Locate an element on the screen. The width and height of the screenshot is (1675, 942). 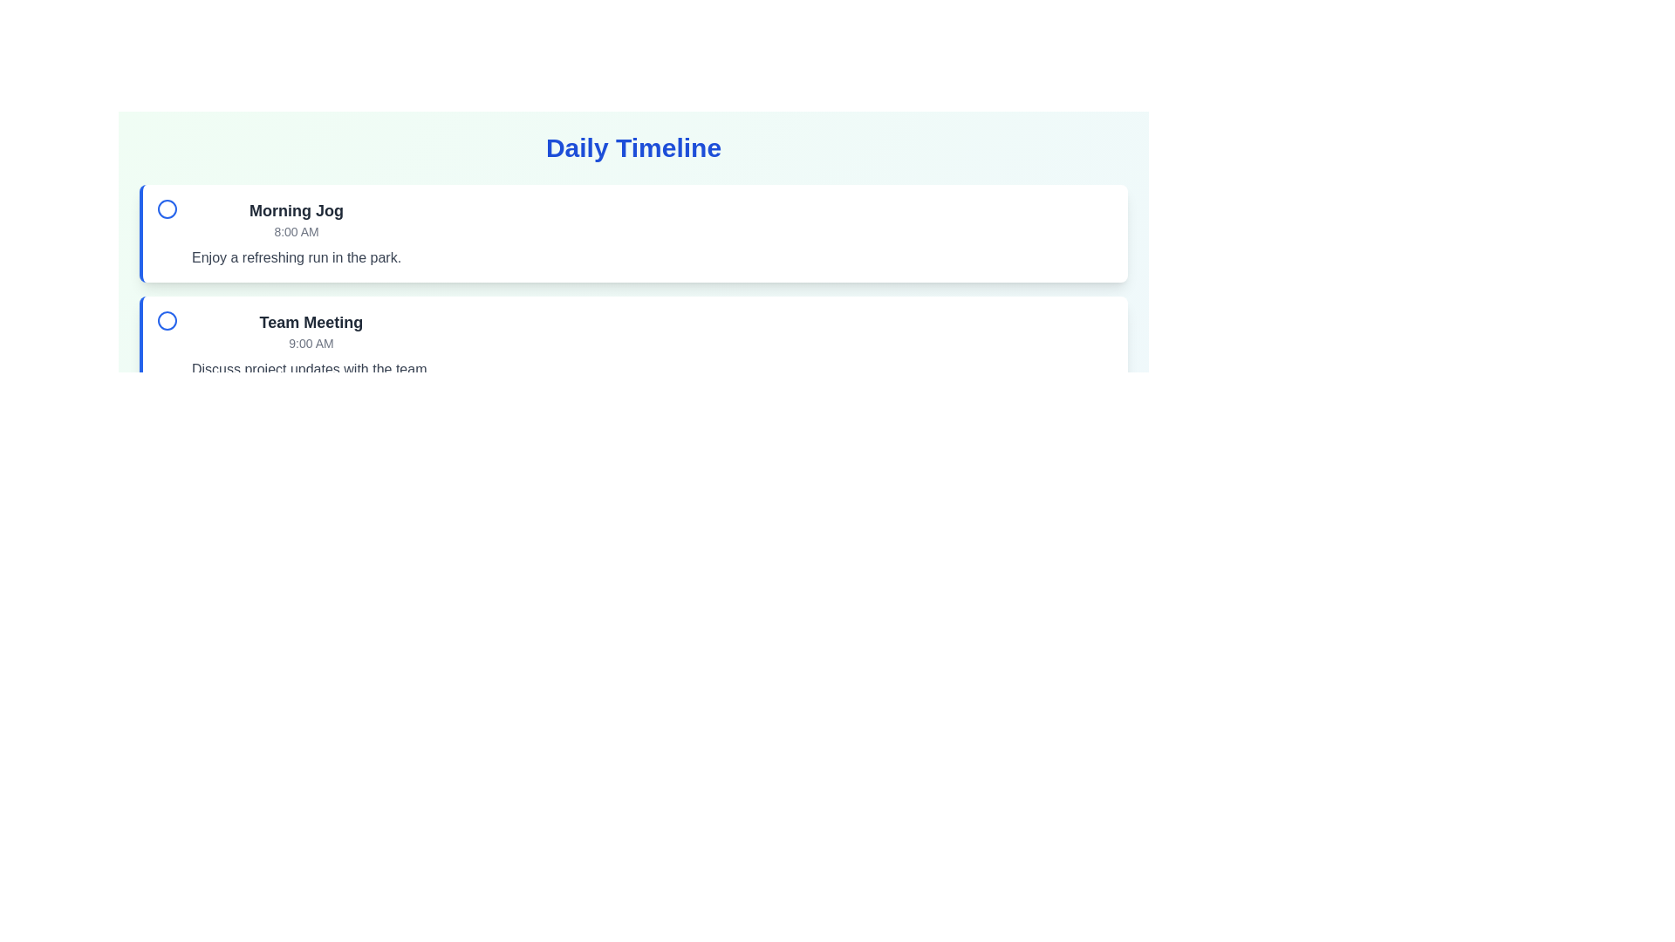
the text label displaying '8:00 AM', which is located below the title 'Morning Jog' and above the description text is located at coordinates (297, 231).